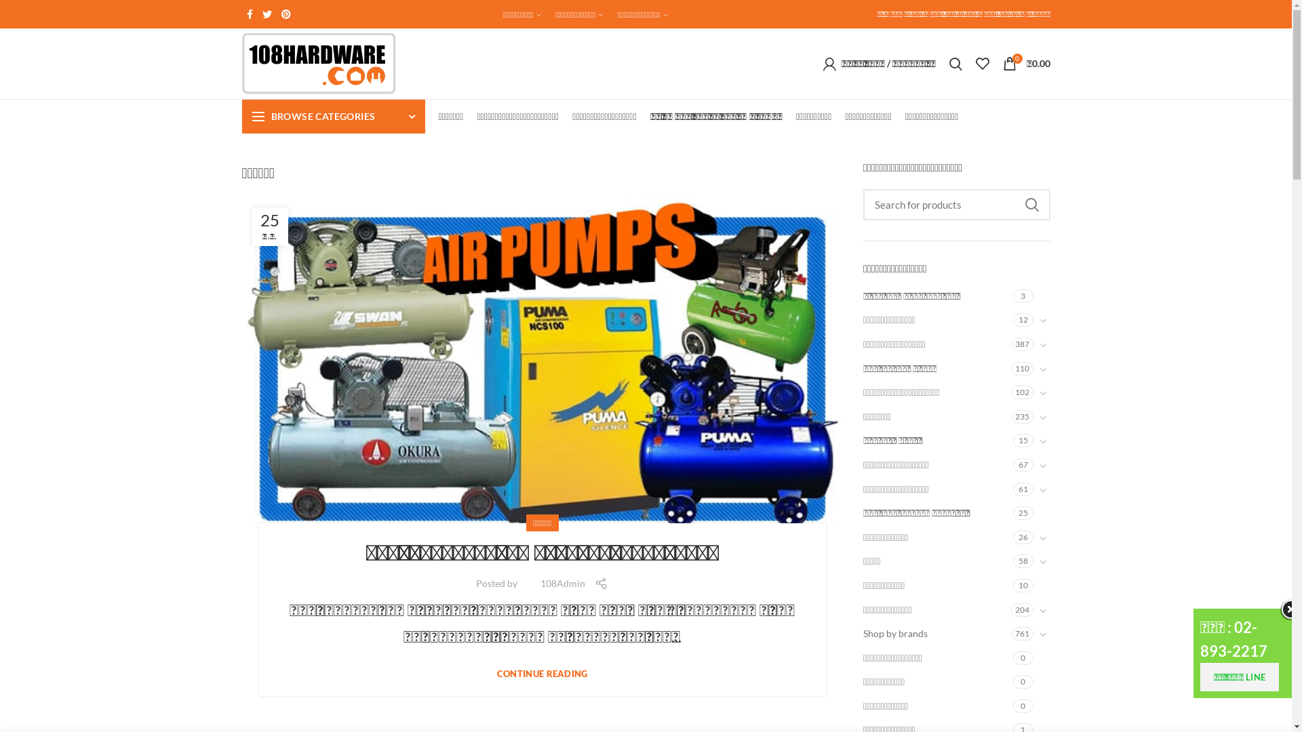 The image size is (1302, 732). I want to click on 'Shop by brands', so click(936, 633).